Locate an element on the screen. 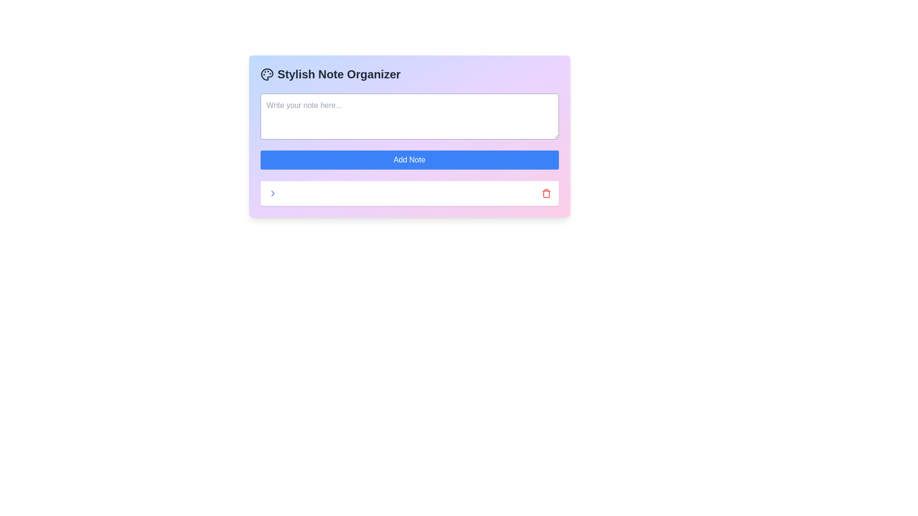 Image resolution: width=918 pixels, height=516 pixels. the red trash icon button located at the bottom-right corner of the card to initiate a delete action is located at coordinates (546, 193).